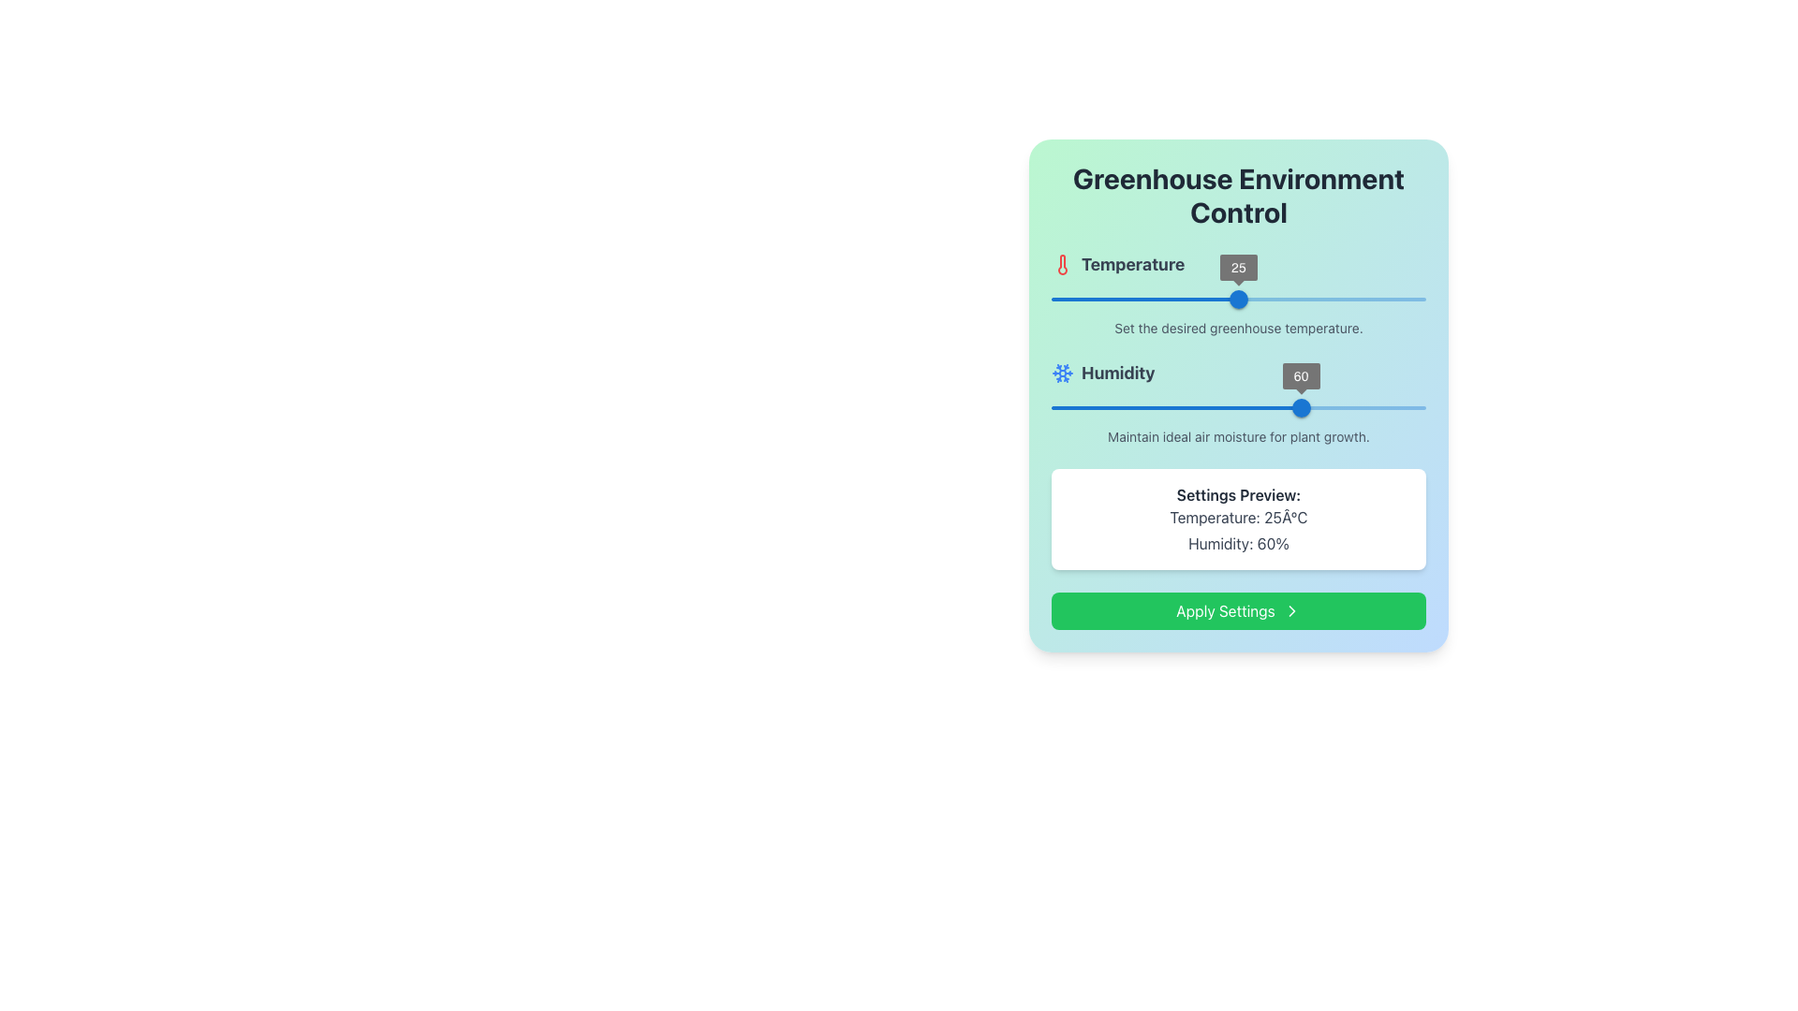 The height and width of the screenshot is (1011, 1798). I want to click on the snowflake icon representing humidity, located next to the 'Humidity' label in the 'Greenhouse Environment Control' interface, so click(1062, 373).